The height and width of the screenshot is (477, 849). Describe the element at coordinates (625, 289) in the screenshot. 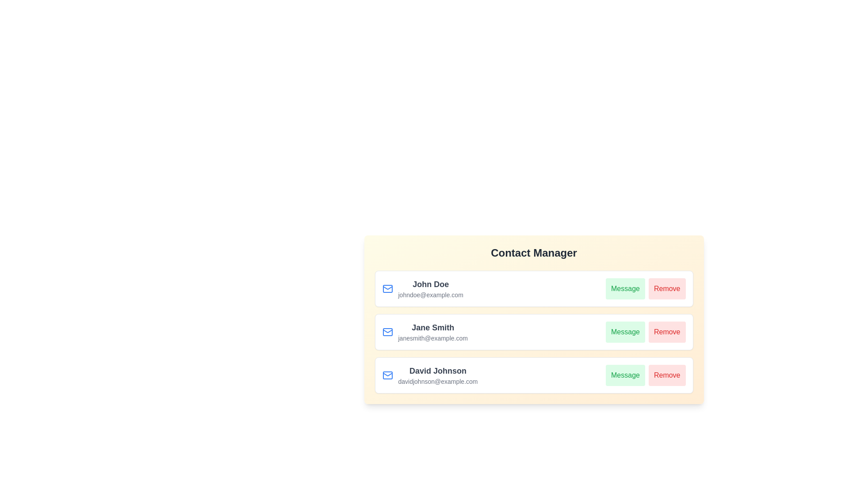

I see `Message button for the contact John Doe` at that location.